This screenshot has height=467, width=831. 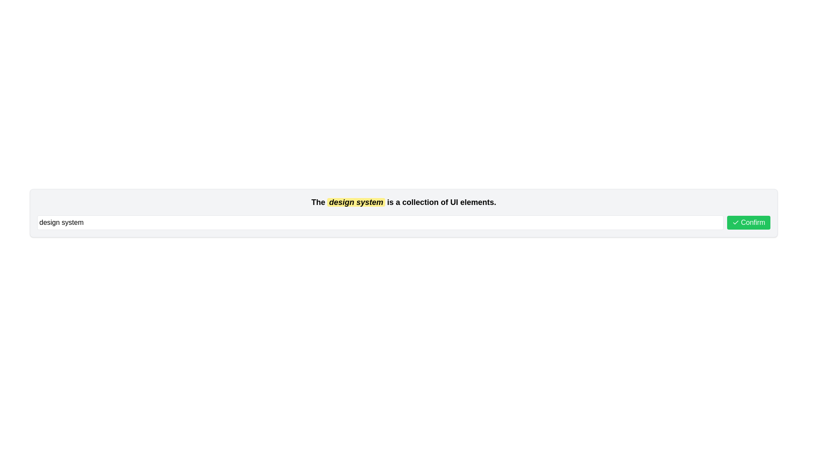 What do you see at coordinates (735, 222) in the screenshot?
I see `the green circular icon with a white checkmark located on the rightmost side of the confirmation button labeled 'Confirm'` at bounding box center [735, 222].